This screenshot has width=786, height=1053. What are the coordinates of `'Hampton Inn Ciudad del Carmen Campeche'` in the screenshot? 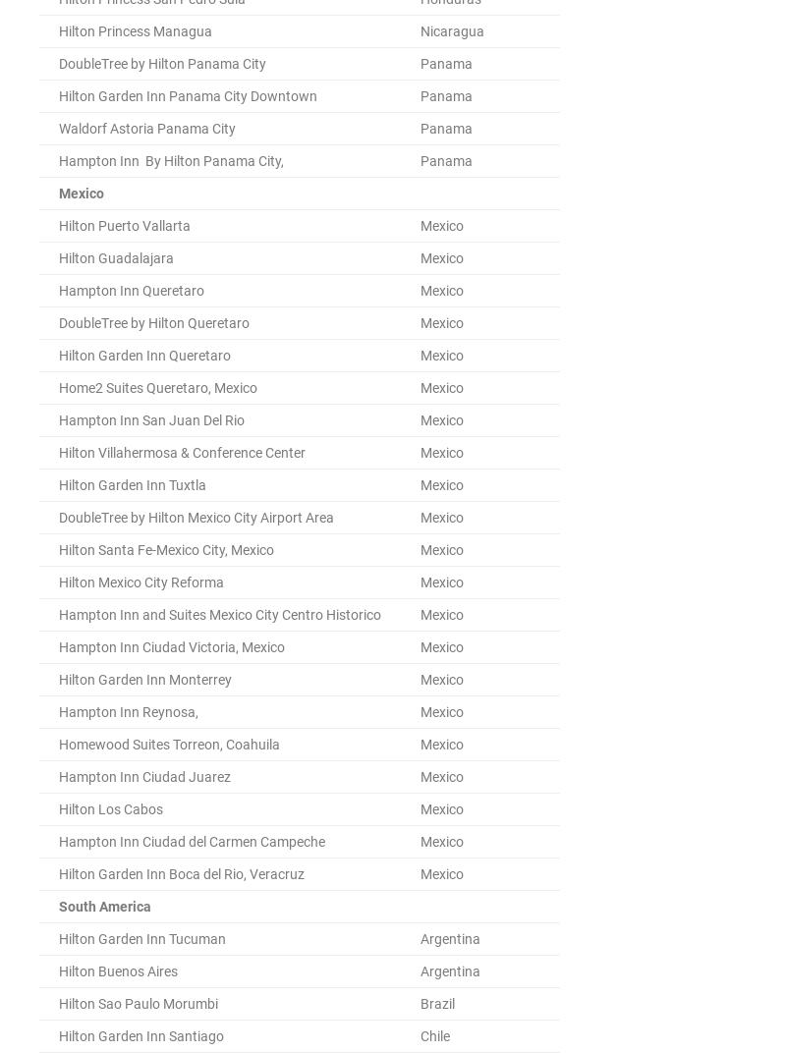 It's located at (58, 840).